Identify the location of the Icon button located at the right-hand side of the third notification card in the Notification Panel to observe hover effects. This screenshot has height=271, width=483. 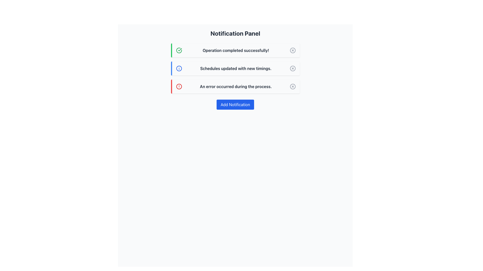
(293, 86).